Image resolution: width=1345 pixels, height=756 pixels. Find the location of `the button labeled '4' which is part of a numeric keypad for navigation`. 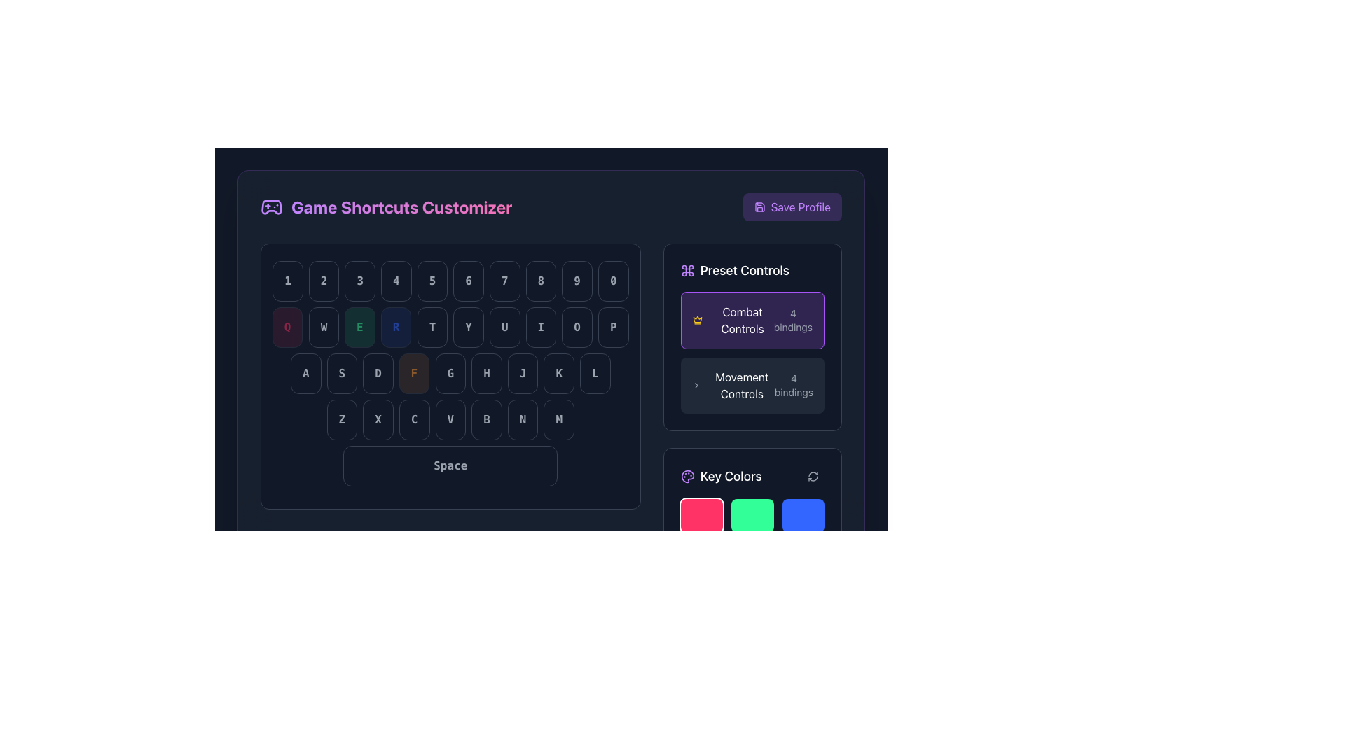

the button labeled '4' which is part of a numeric keypad for navigation is located at coordinates (395, 281).